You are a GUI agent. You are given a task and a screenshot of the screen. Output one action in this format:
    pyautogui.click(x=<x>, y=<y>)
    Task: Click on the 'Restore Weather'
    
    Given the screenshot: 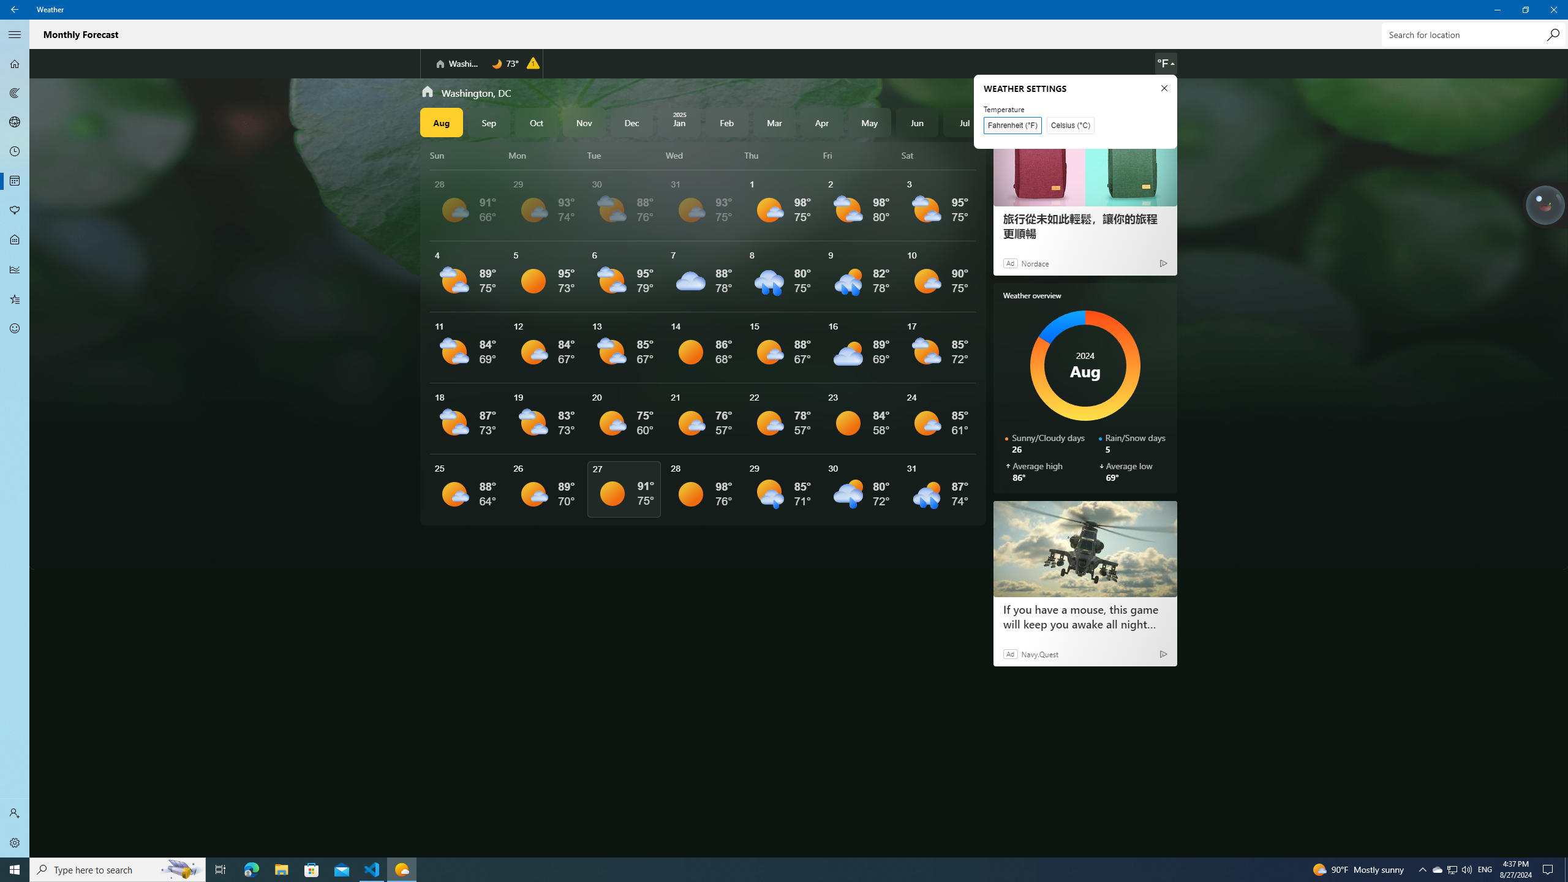 What is the action you would take?
    pyautogui.click(x=1525, y=9)
    